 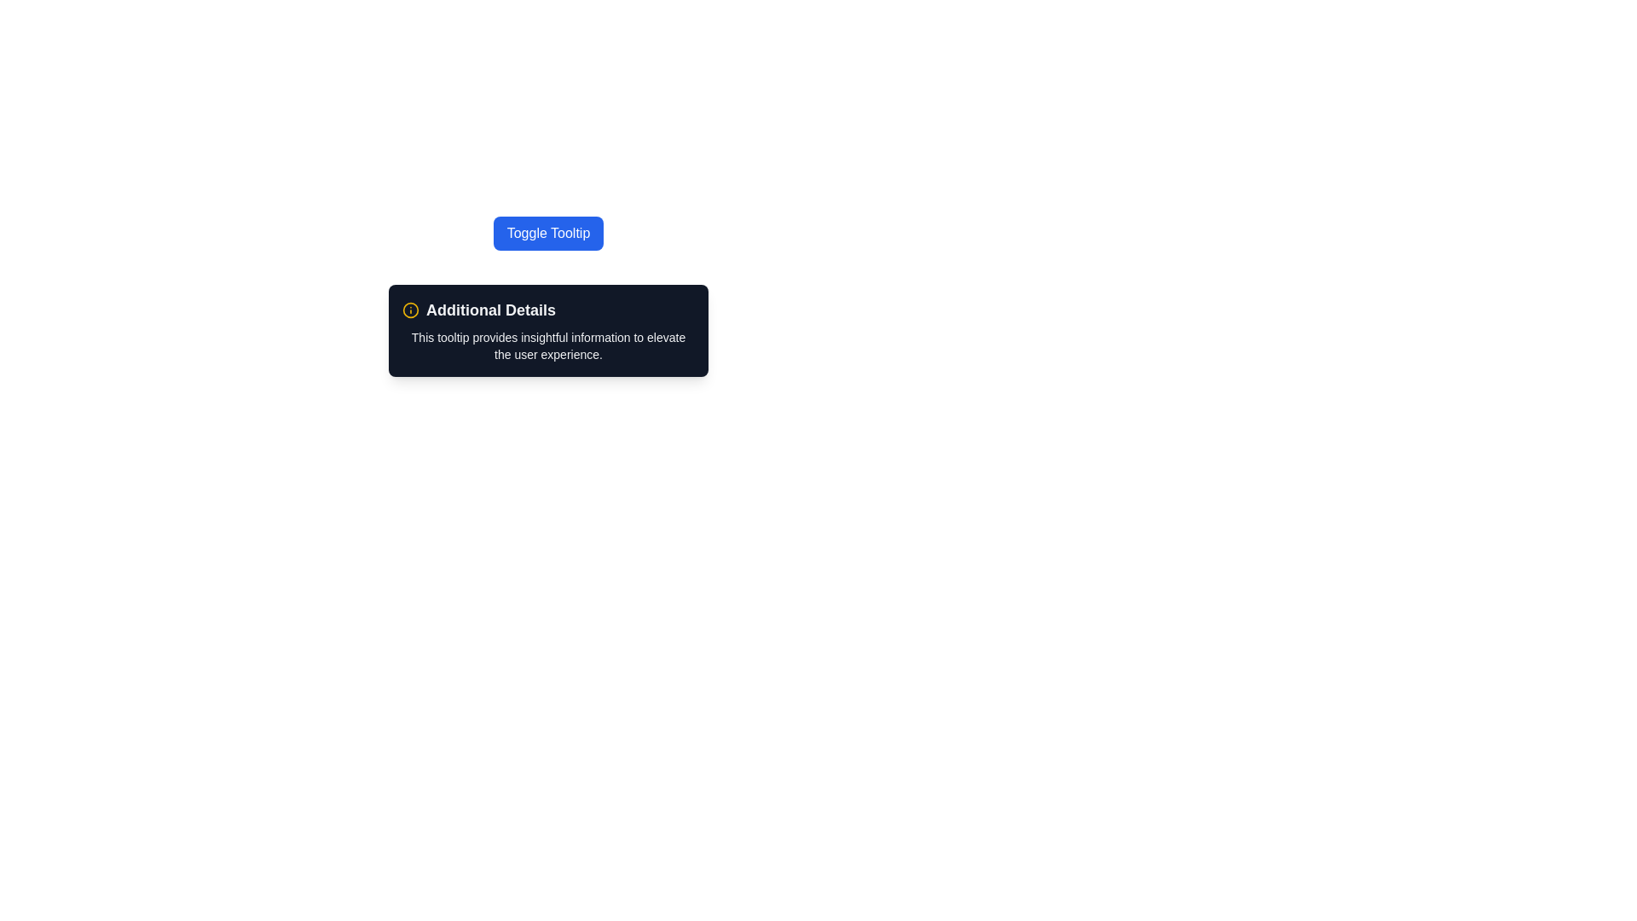 I want to click on the information icon located to the left of the 'Additional Details' text, which serves as a visual cue for additional information, so click(x=410, y=310).